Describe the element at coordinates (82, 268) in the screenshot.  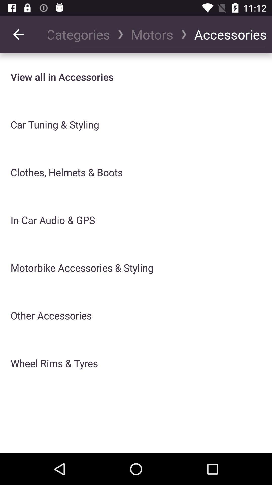
I see `the motorbike accessories & styling item` at that location.